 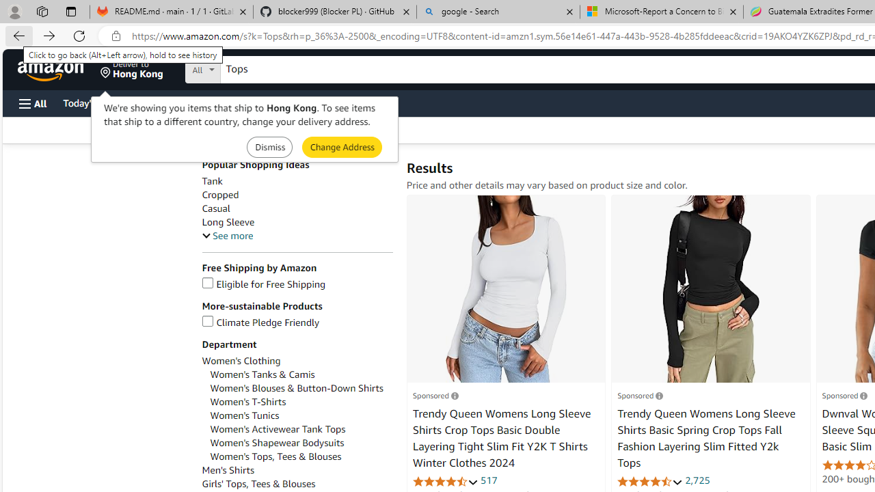 I want to click on '517', so click(x=489, y=480).